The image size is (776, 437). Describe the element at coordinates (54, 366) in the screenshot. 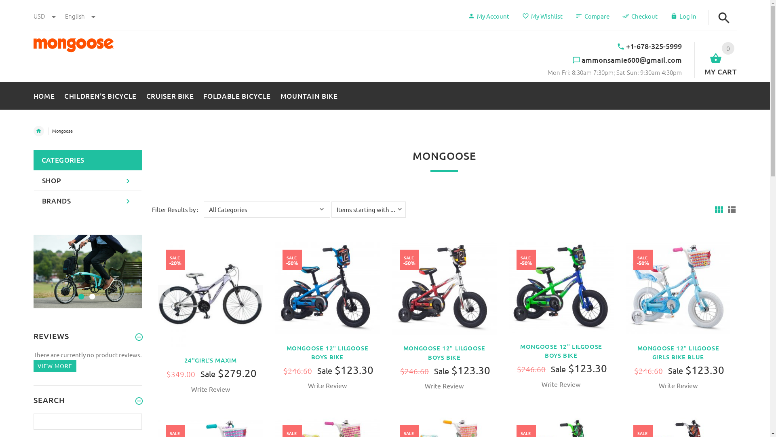

I see `'VIEW MORE'` at that location.